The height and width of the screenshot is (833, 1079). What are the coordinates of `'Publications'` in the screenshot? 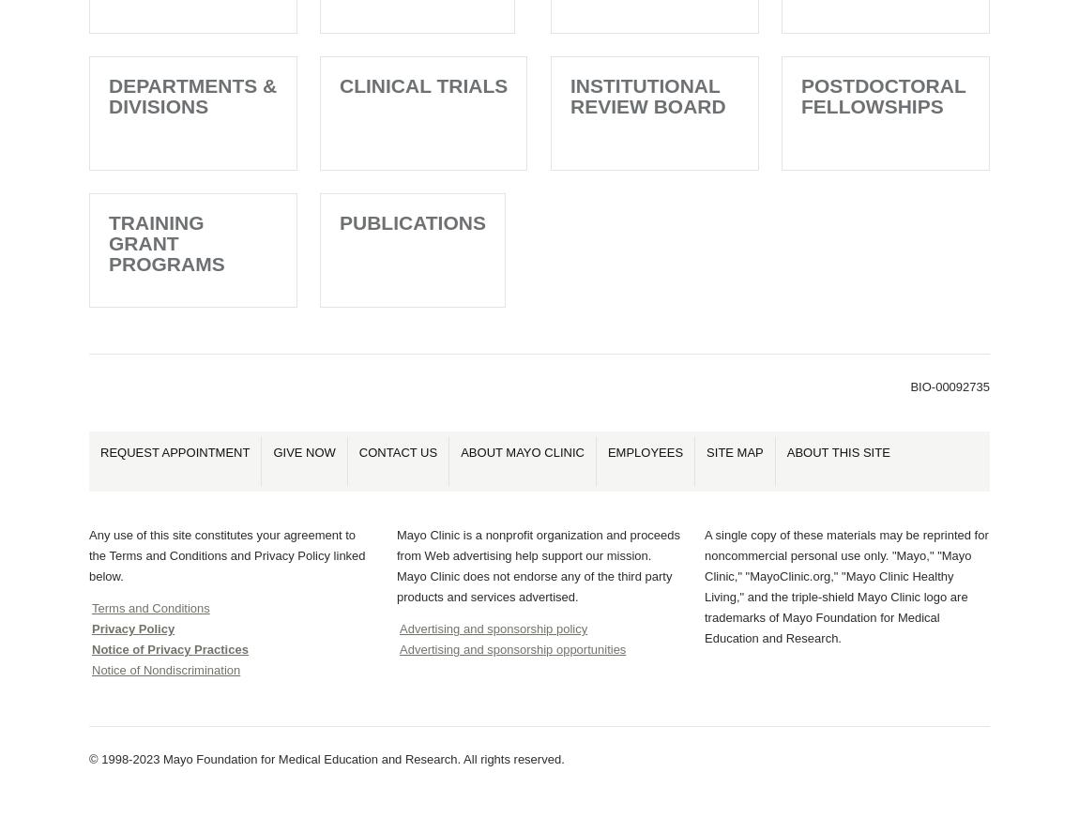 It's located at (412, 222).